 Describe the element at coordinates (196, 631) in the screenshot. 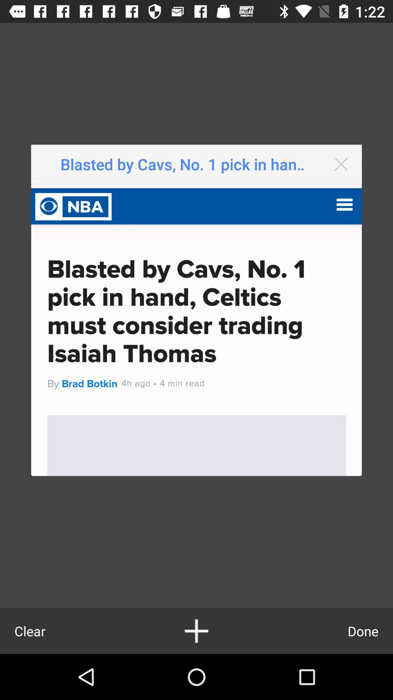

I see `app next to done item` at that location.